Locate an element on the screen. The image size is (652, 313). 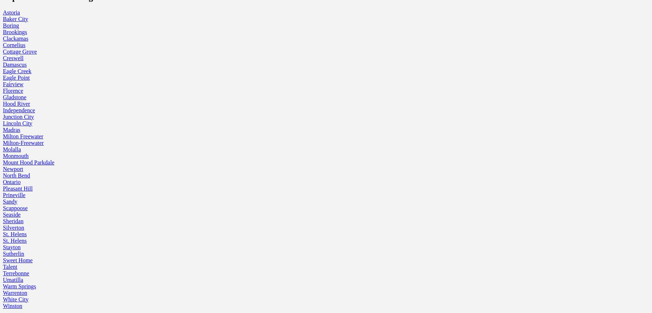
'Sweet Home' is located at coordinates (2, 260).